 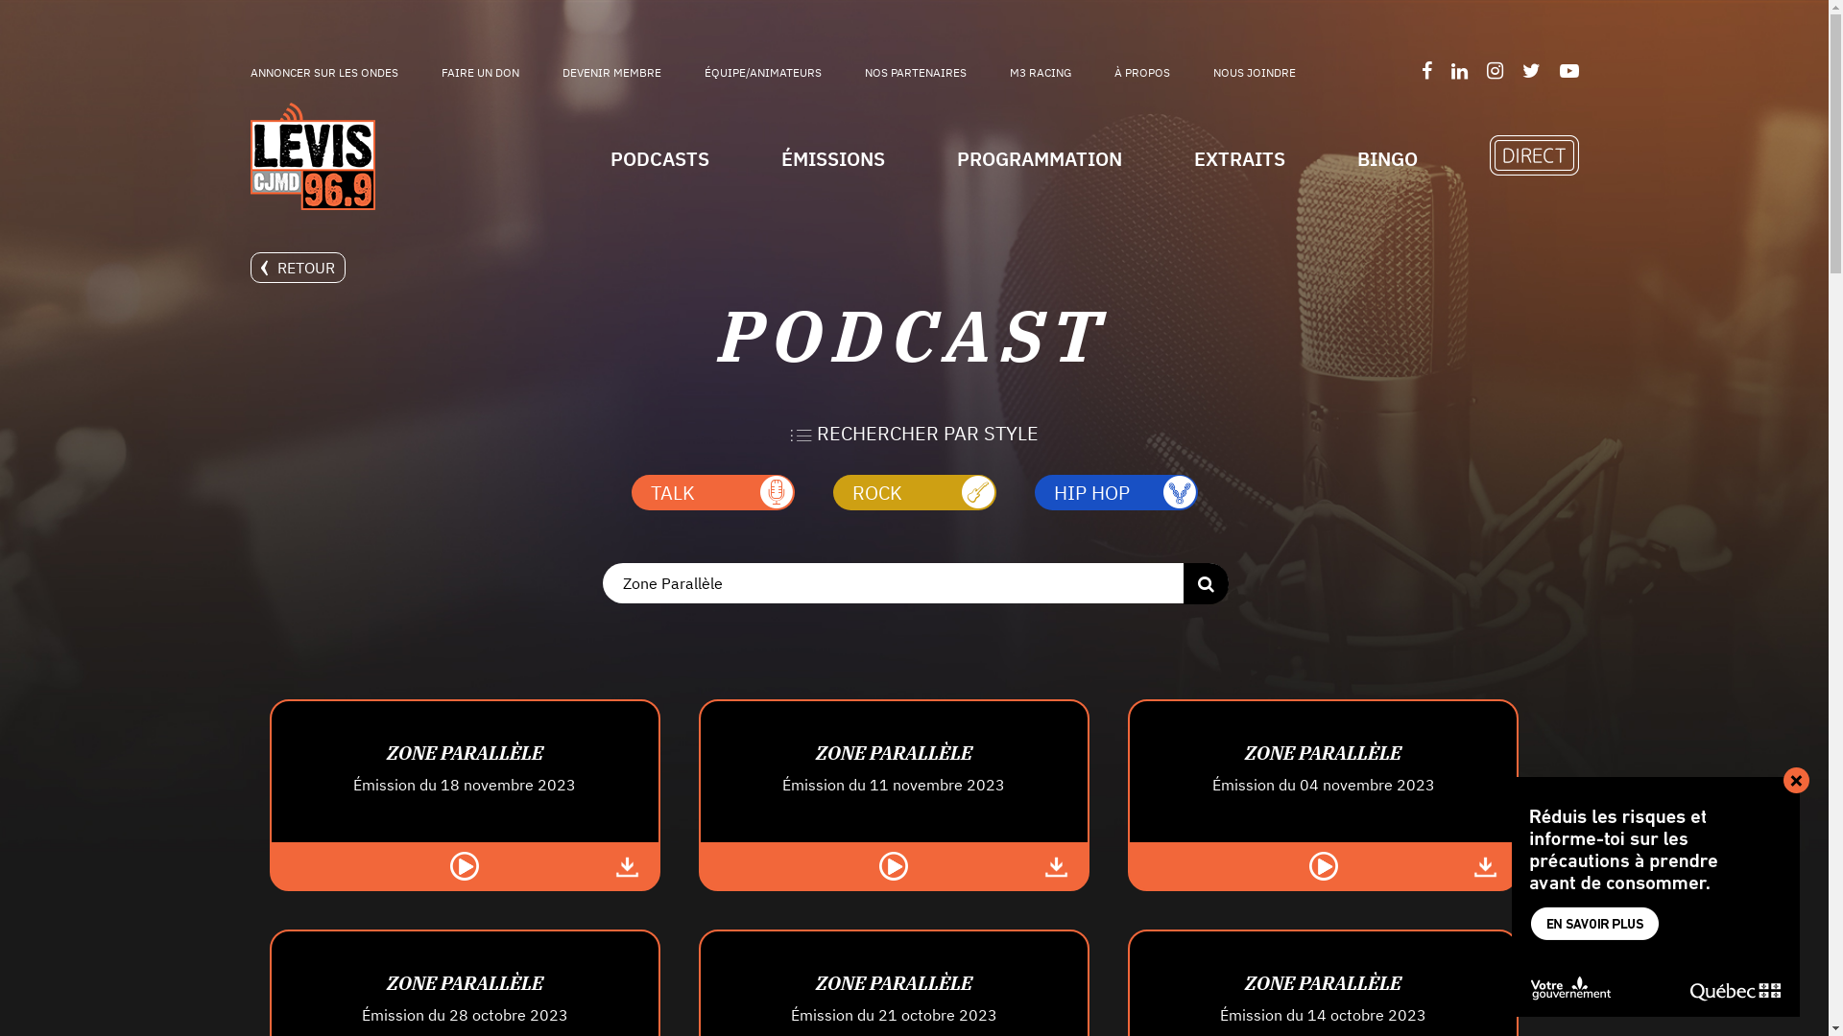 I want to click on 'MSSS - Campagne Surdoses - 1018061', so click(x=1654, y=896).